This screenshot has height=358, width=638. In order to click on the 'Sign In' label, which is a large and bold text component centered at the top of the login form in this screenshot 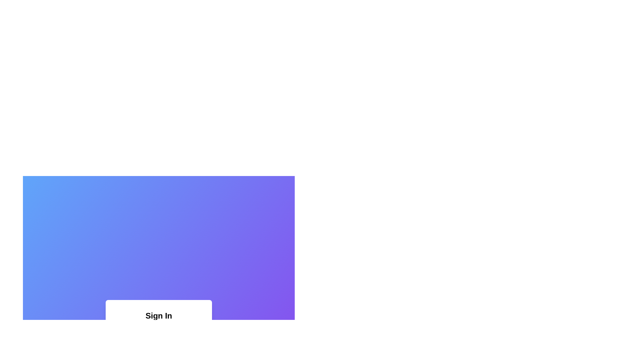, I will do `click(159, 315)`.